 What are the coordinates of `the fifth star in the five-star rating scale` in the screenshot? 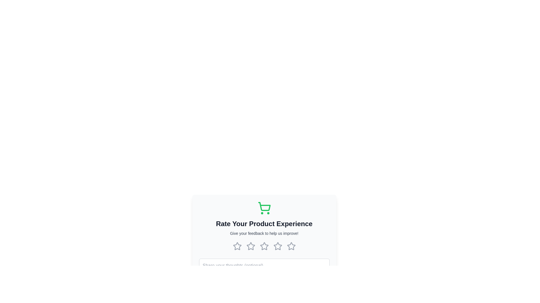 It's located at (291, 246).